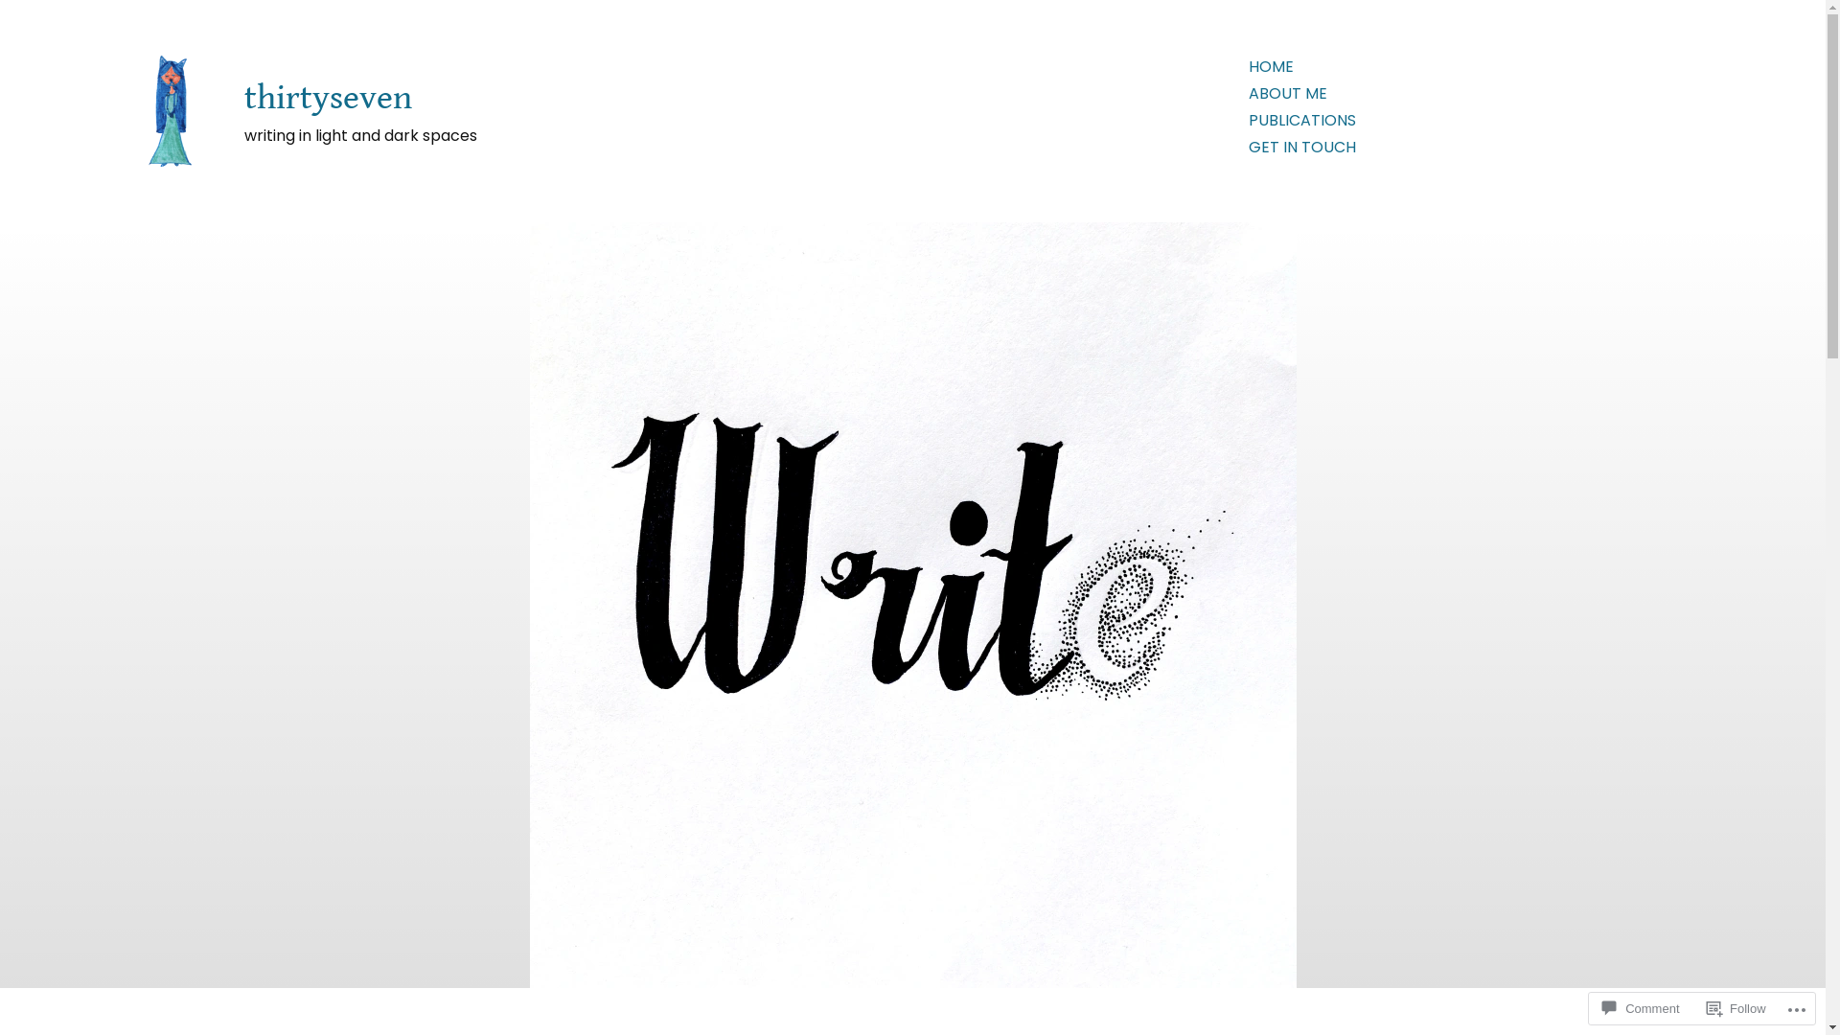 This screenshot has height=1035, width=1840. I want to click on 'Comment', so click(1640, 1007).